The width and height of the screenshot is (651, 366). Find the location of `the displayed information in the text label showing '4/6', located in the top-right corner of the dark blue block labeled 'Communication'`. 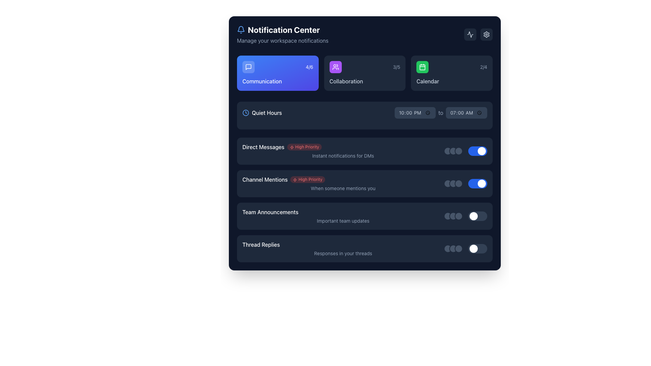

the displayed information in the text label showing '4/6', located in the top-right corner of the dark blue block labeled 'Communication' is located at coordinates (309, 67).